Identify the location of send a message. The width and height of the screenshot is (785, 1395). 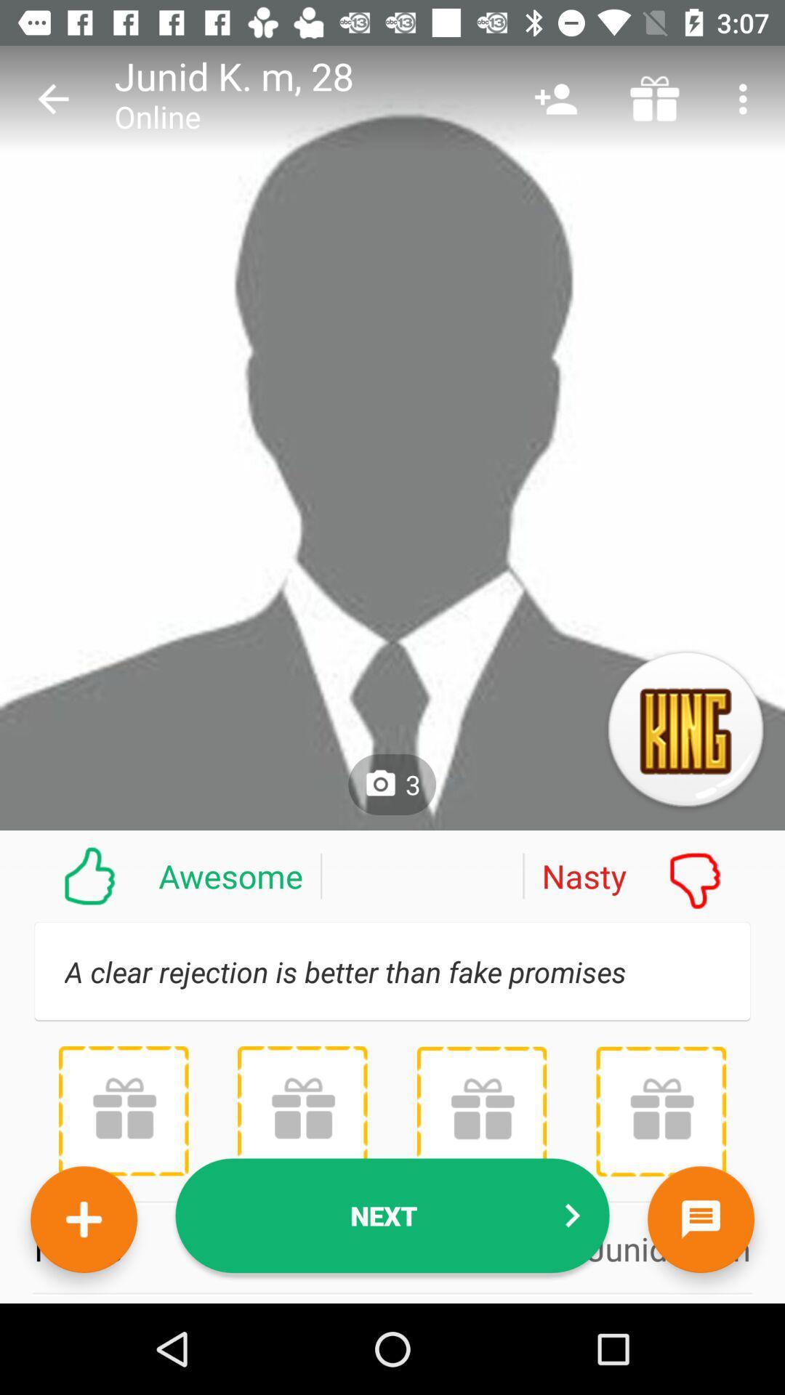
(700, 1219).